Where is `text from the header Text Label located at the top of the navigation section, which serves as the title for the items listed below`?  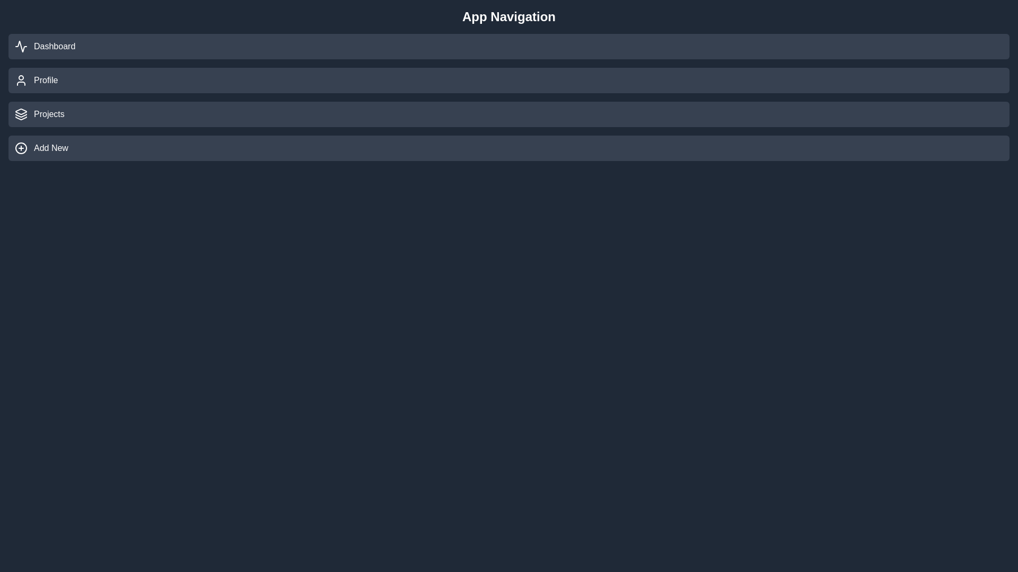
text from the header Text Label located at the top of the navigation section, which serves as the title for the items listed below is located at coordinates (509, 16).